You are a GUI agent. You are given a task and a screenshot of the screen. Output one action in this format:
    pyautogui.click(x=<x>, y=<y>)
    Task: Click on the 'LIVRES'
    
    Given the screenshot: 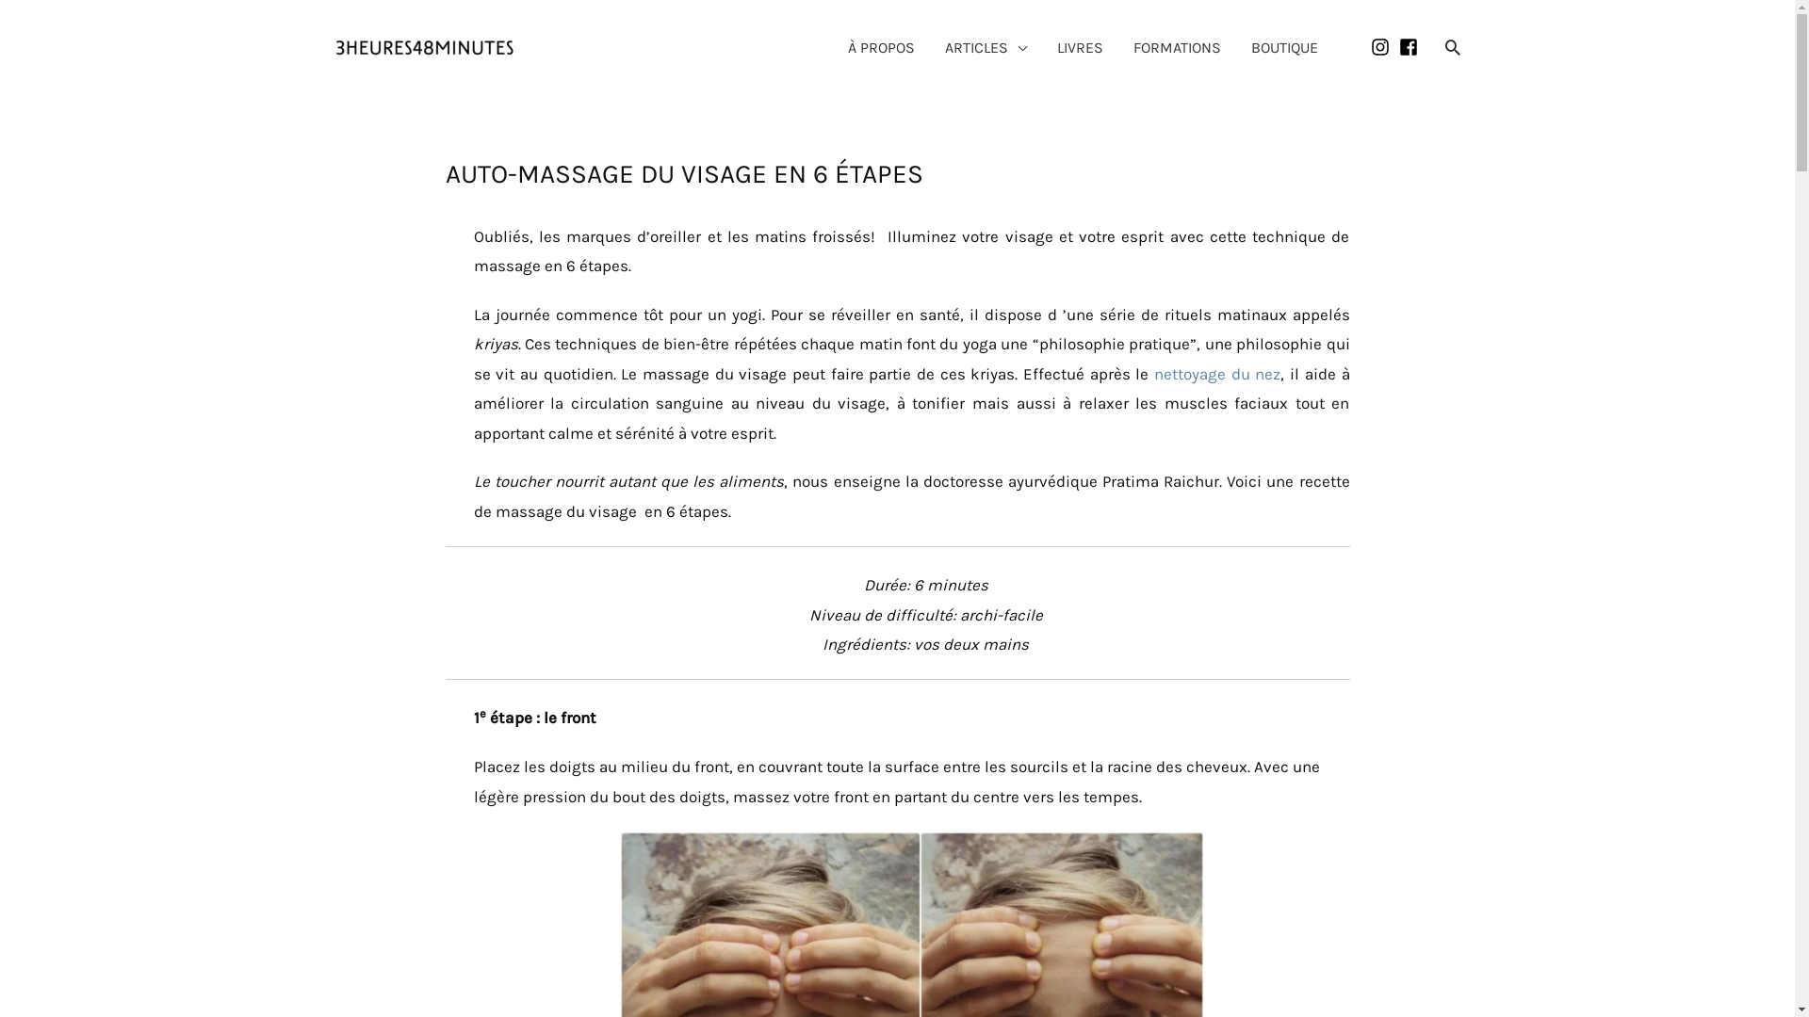 What is the action you would take?
    pyautogui.click(x=1080, y=46)
    